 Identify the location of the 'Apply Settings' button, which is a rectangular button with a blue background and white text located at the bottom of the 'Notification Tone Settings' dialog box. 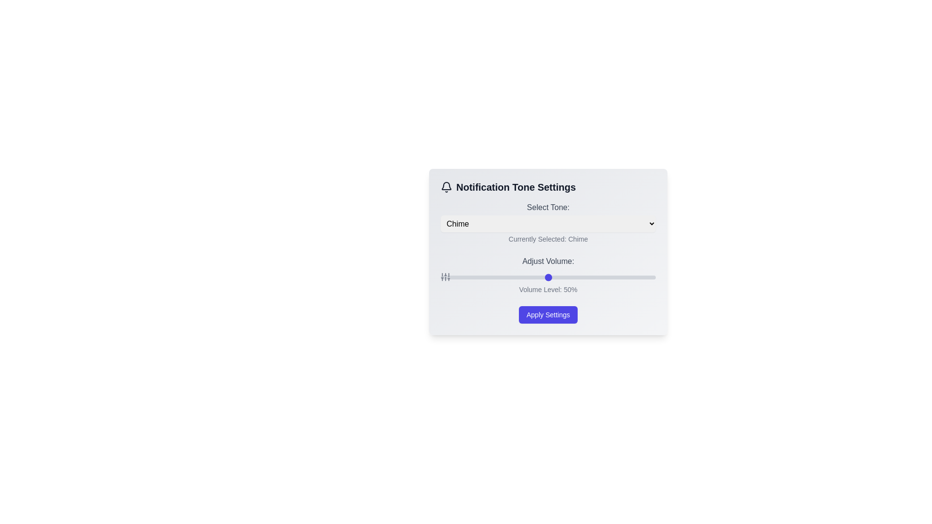
(548, 314).